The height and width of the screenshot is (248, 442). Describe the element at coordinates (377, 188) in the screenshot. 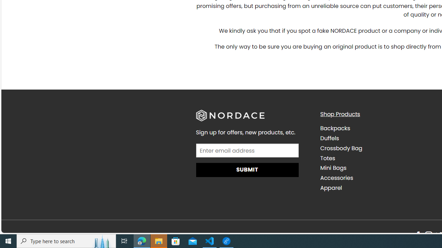

I see `'Apparel'` at that location.